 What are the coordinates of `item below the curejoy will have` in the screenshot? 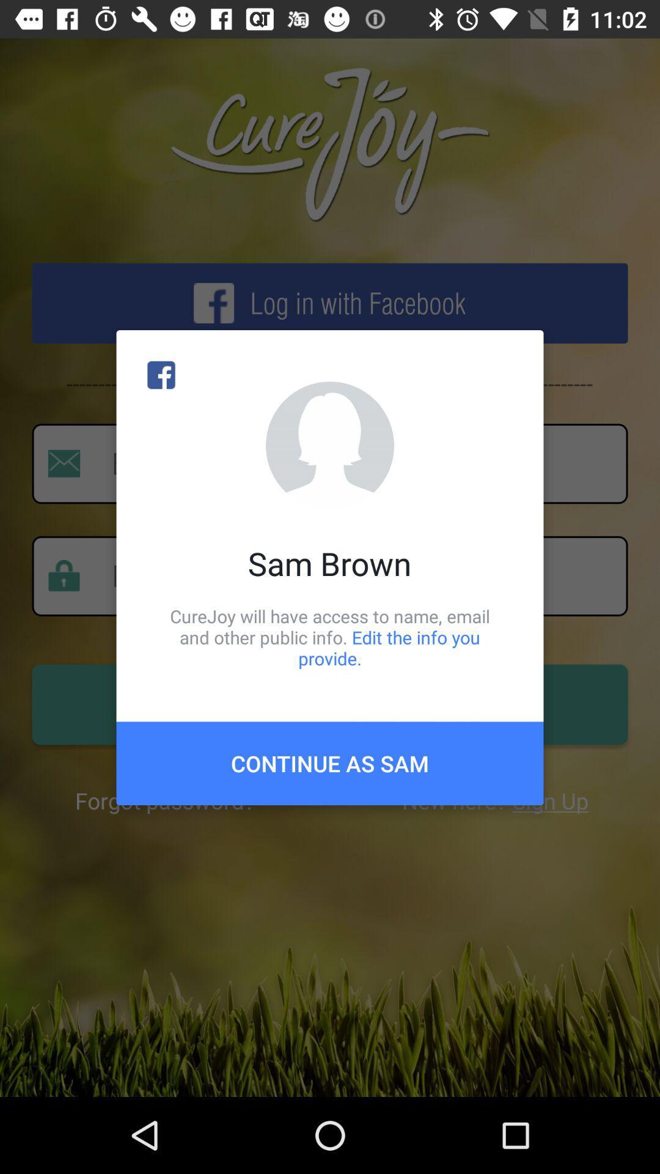 It's located at (330, 762).